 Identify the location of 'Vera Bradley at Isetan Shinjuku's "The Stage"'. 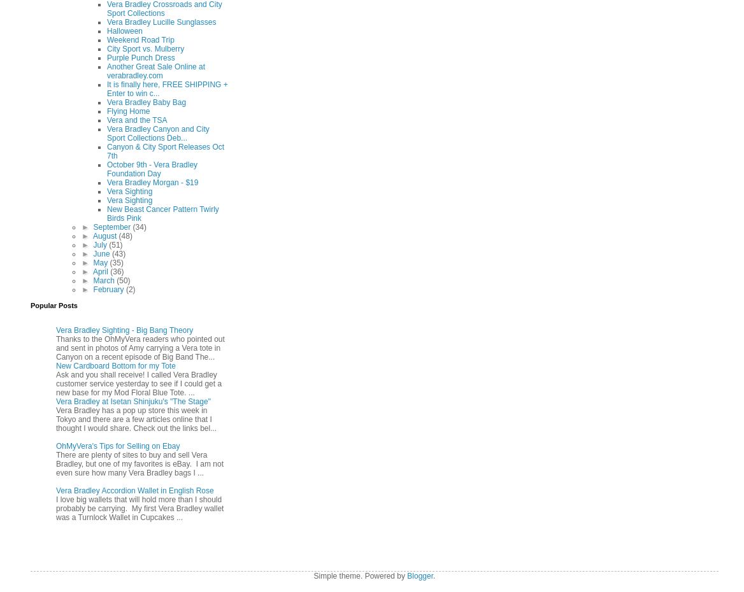
(132, 400).